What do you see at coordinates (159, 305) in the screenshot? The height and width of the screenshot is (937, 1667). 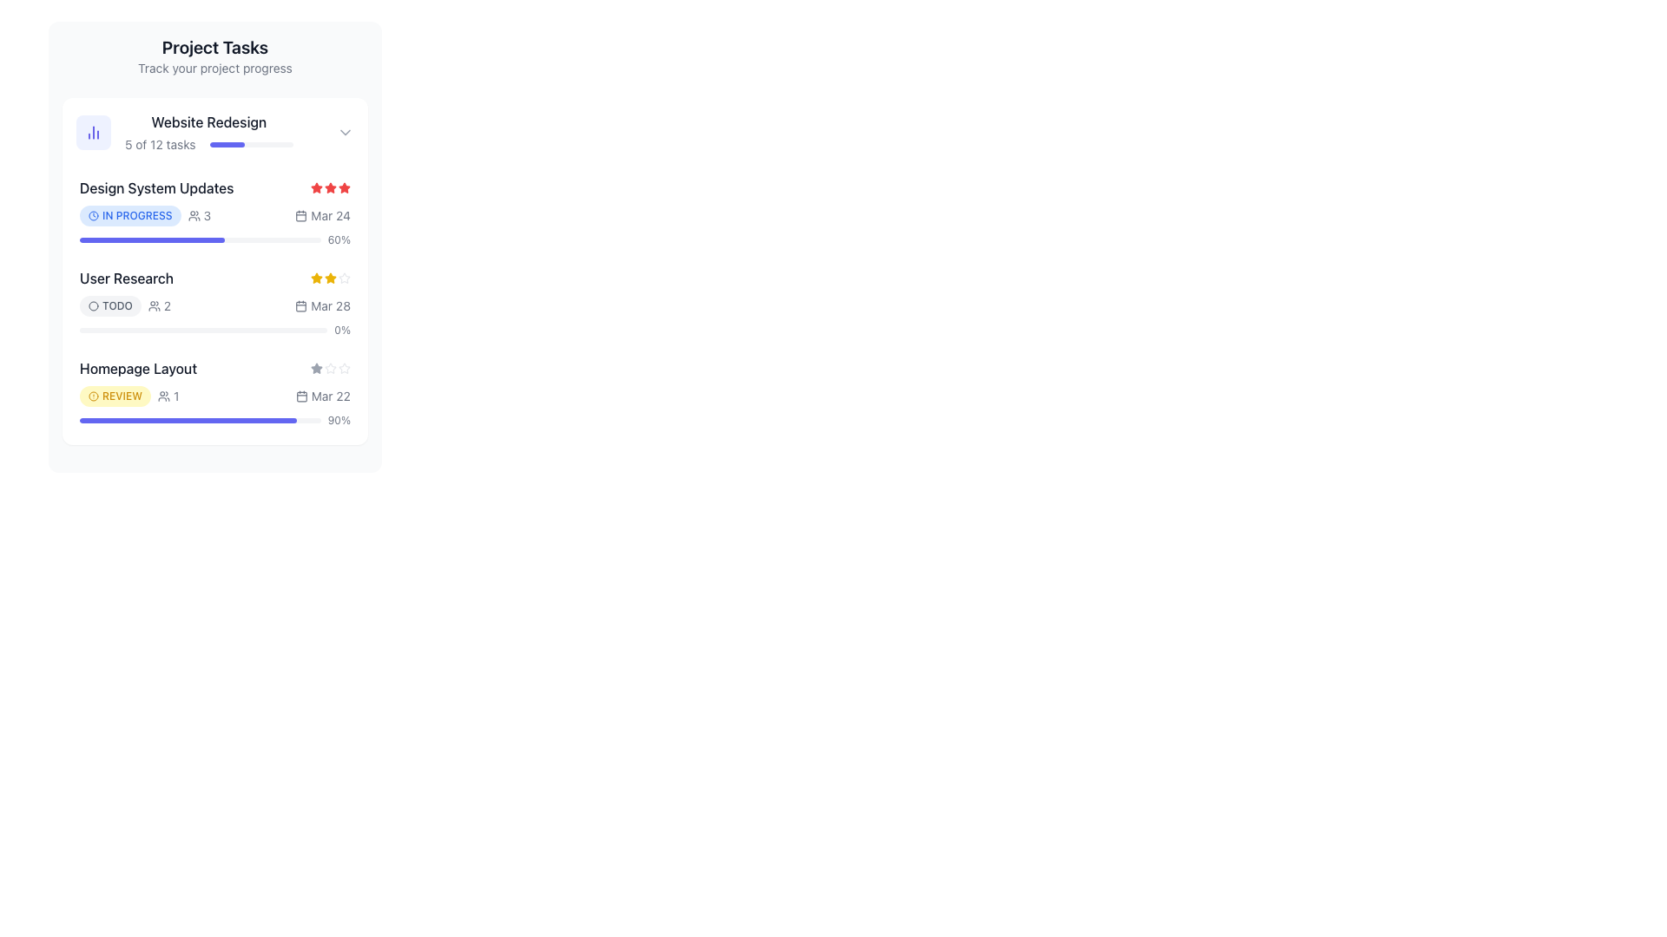 I see `the text label displaying the number of participants for the 'User Research' task, located to the right of 'TODO' and adjacent to the user icon` at bounding box center [159, 305].